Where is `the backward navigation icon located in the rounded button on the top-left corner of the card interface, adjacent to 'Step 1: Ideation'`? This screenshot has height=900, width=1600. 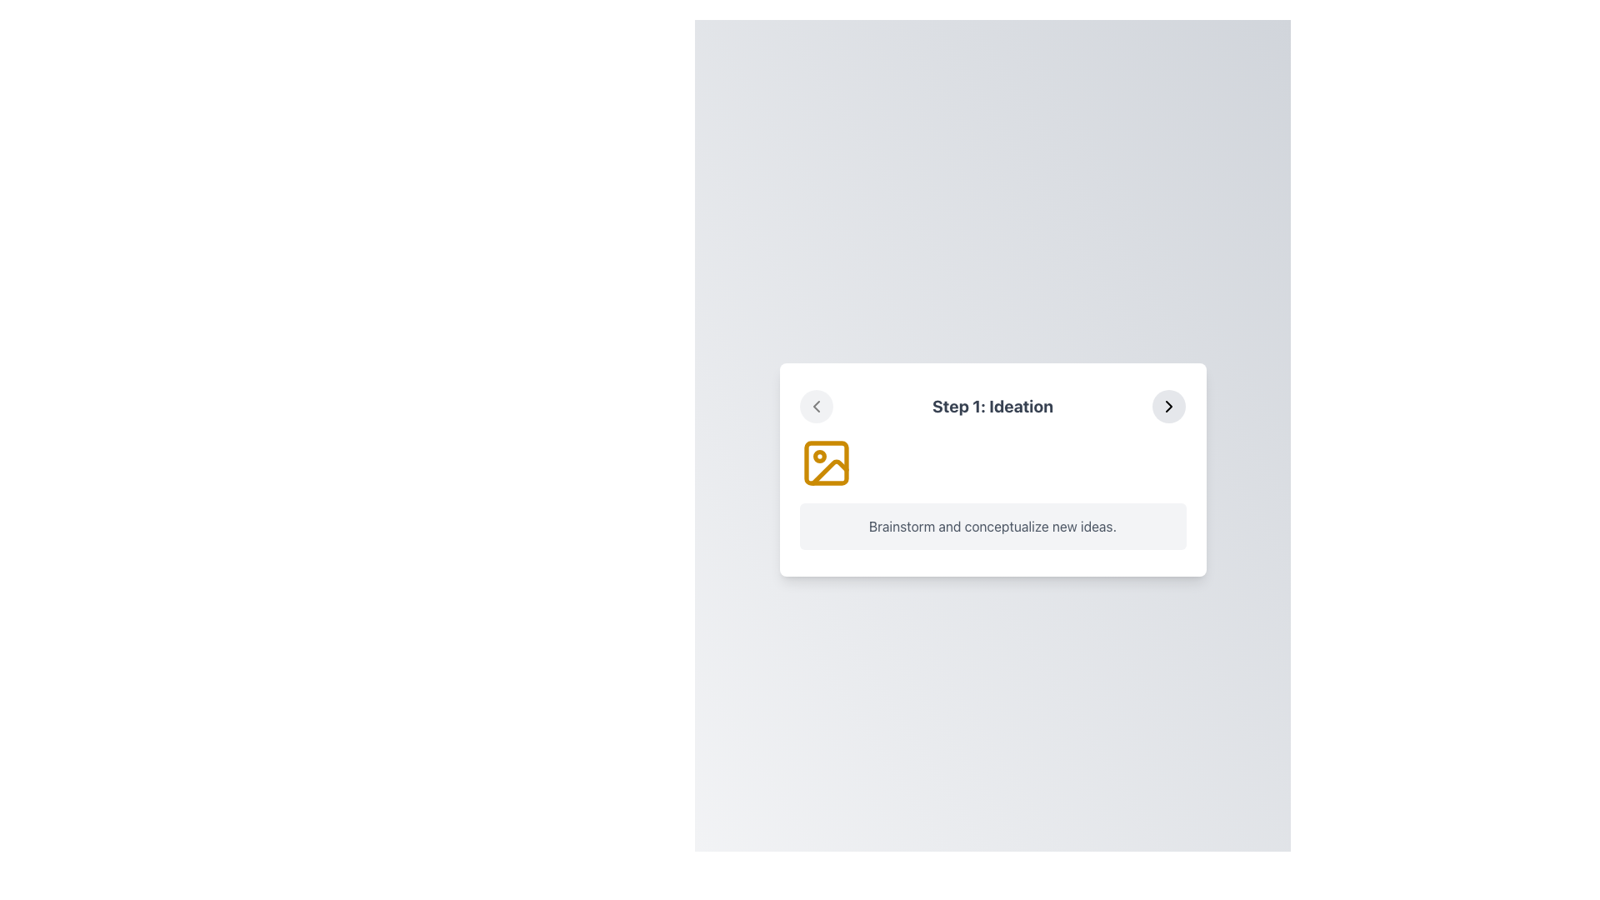 the backward navigation icon located in the rounded button on the top-left corner of the card interface, adjacent to 'Step 1: Ideation' is located at coordinates (816, 407).